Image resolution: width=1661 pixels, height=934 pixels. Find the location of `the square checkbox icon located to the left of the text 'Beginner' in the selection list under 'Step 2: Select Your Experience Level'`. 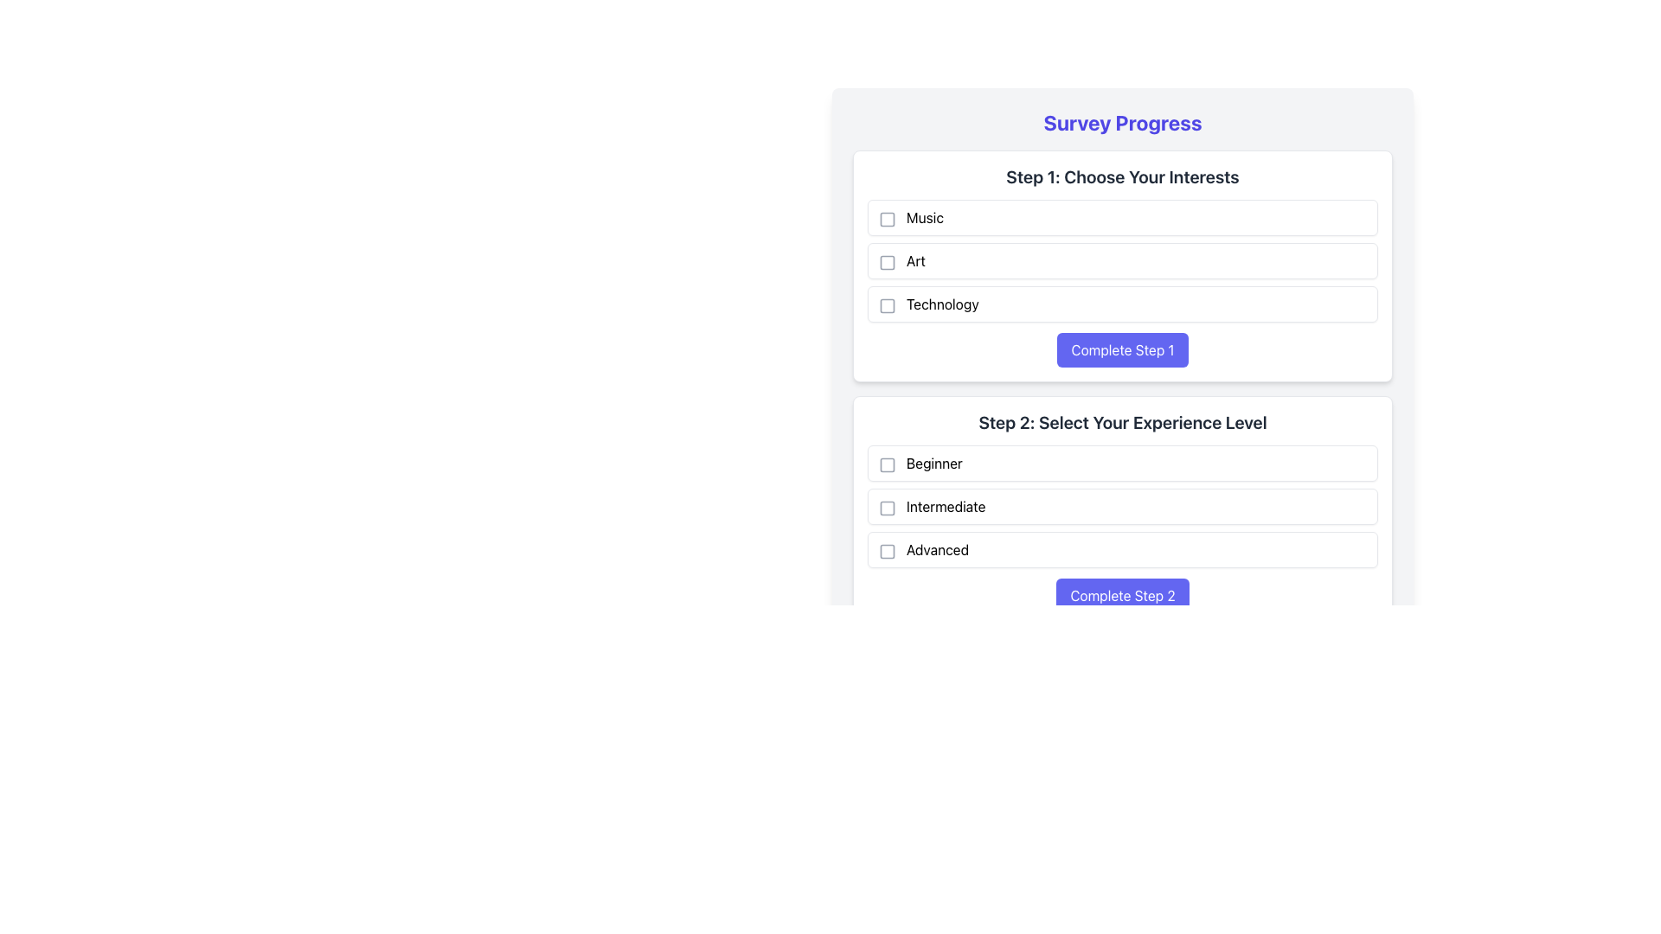

the square checkbox icon located to the left of the text 'Beginner' in the selection list under 'Step 2: Select Your Experience Level' is located at coordinates (888, 463).